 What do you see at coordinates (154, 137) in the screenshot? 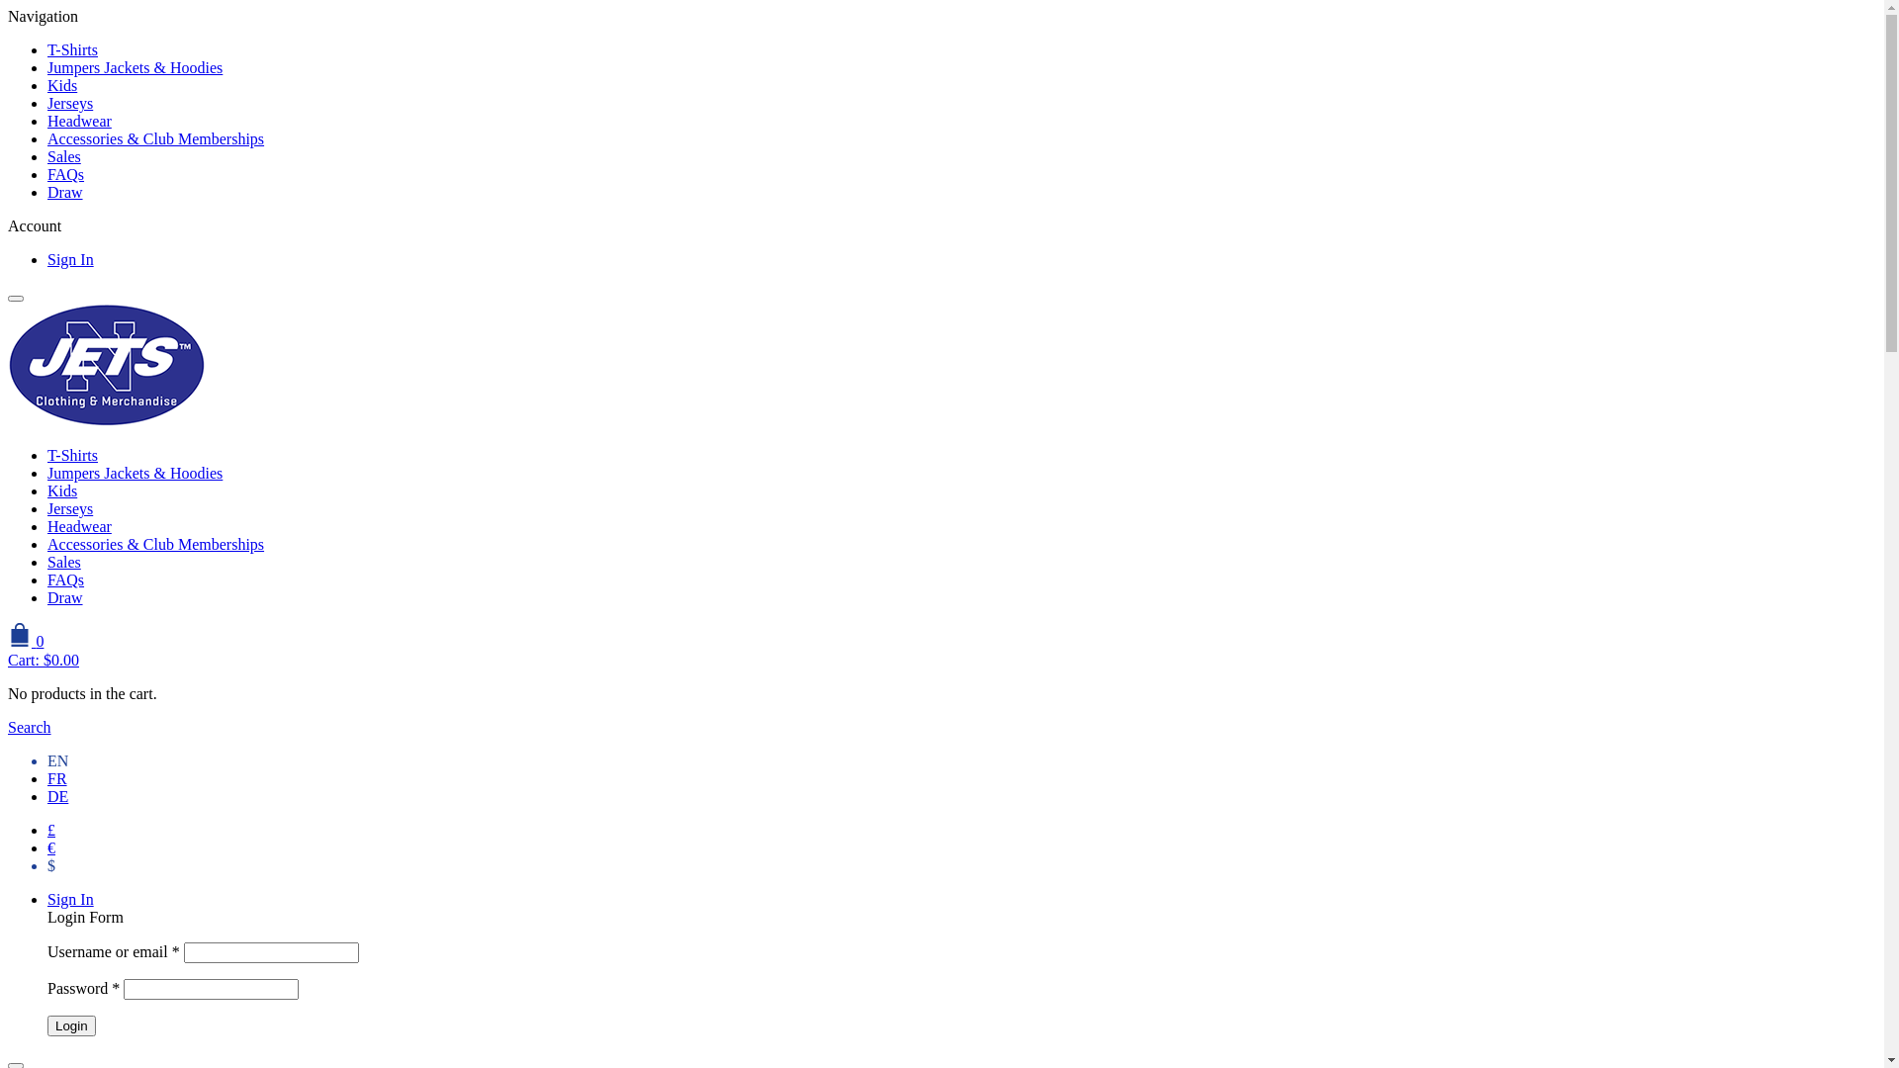
I see `'Accessories & Club Memberships'` at bounding box center [154, 137].